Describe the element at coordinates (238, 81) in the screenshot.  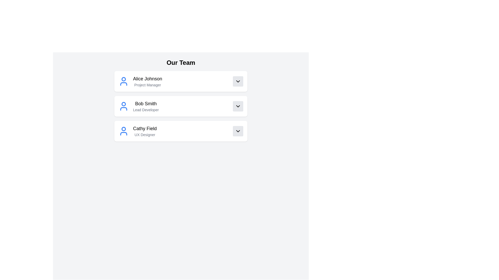
I see `the toggle button located to the right of 'Project Manager' and below 'Alice Johnson' to change its background color` at that location.